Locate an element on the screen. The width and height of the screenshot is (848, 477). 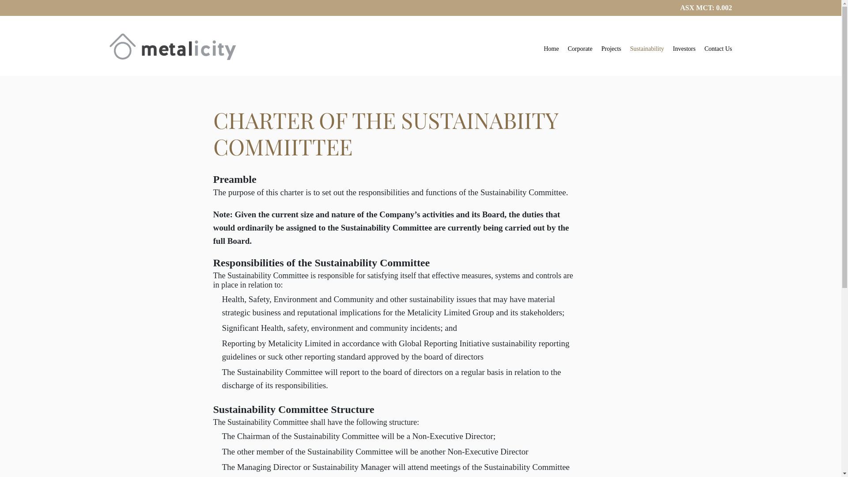
'Sustainability' is located at coordinates (647, 51).